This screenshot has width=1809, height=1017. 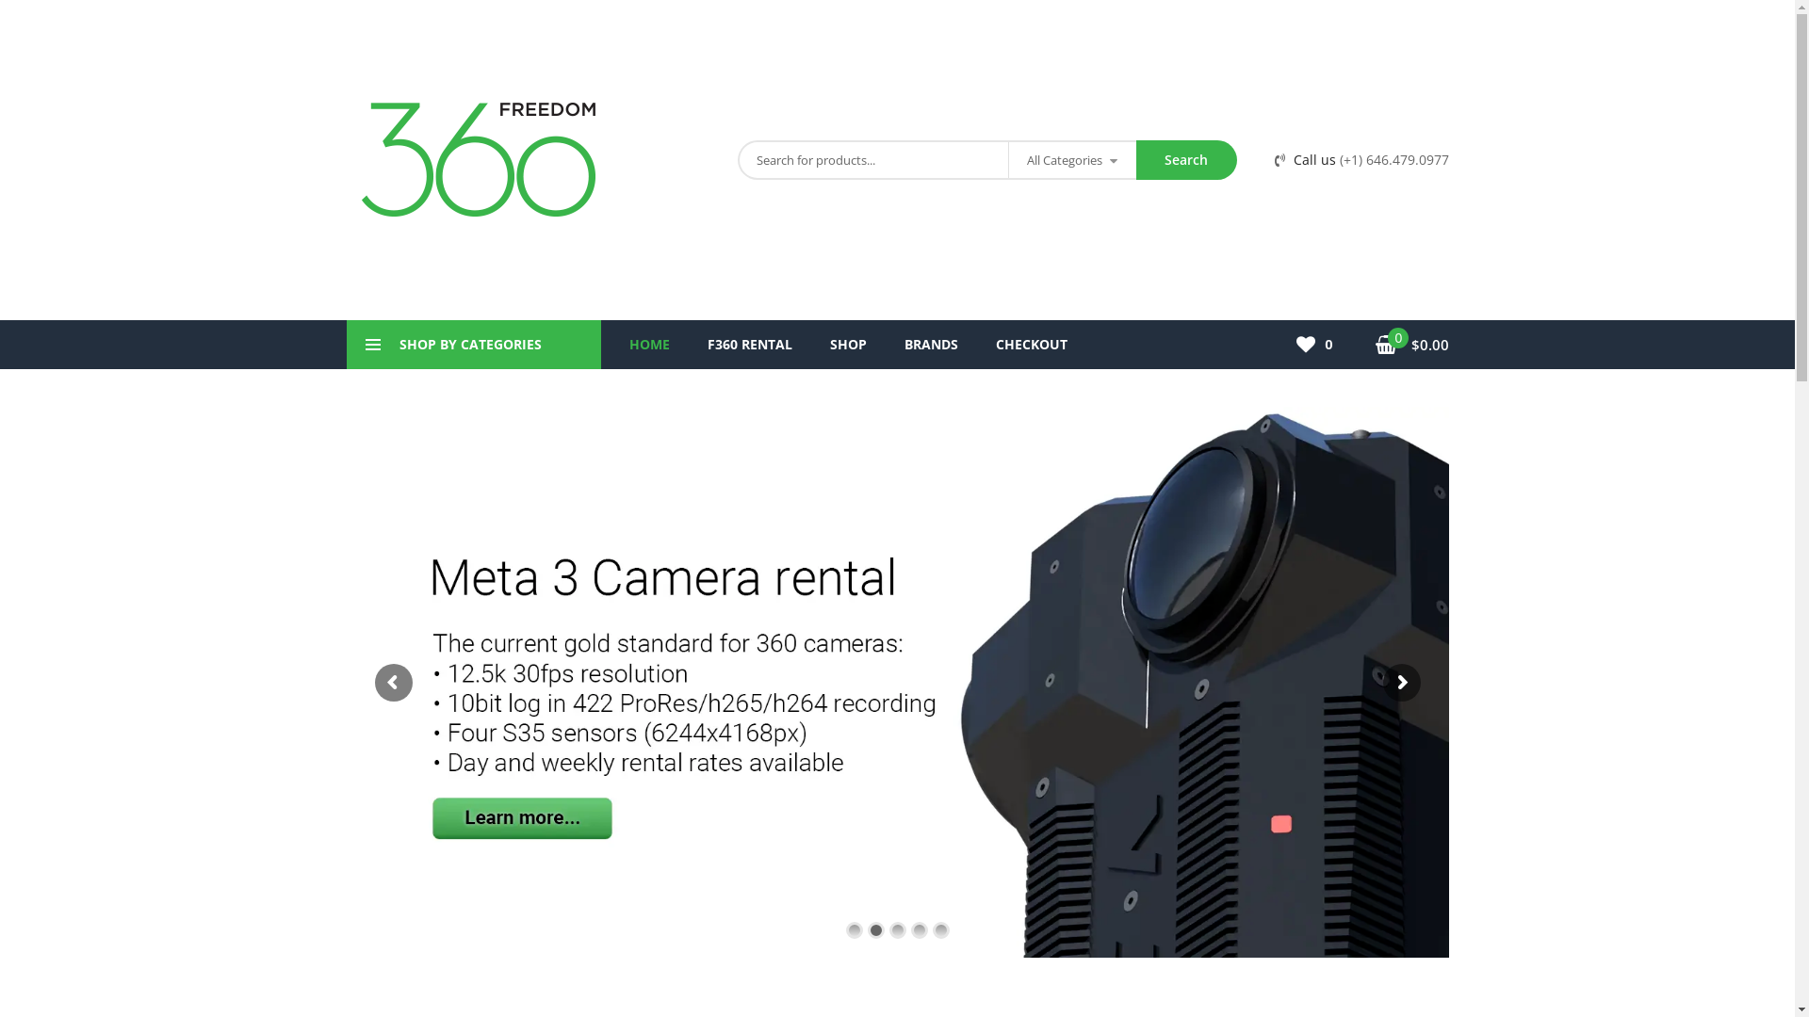 What do you see at coordinates (474, 345) in the screenshot?
I see `'SHOP BY CATEGORIES'` at bounding box center [474, 345].